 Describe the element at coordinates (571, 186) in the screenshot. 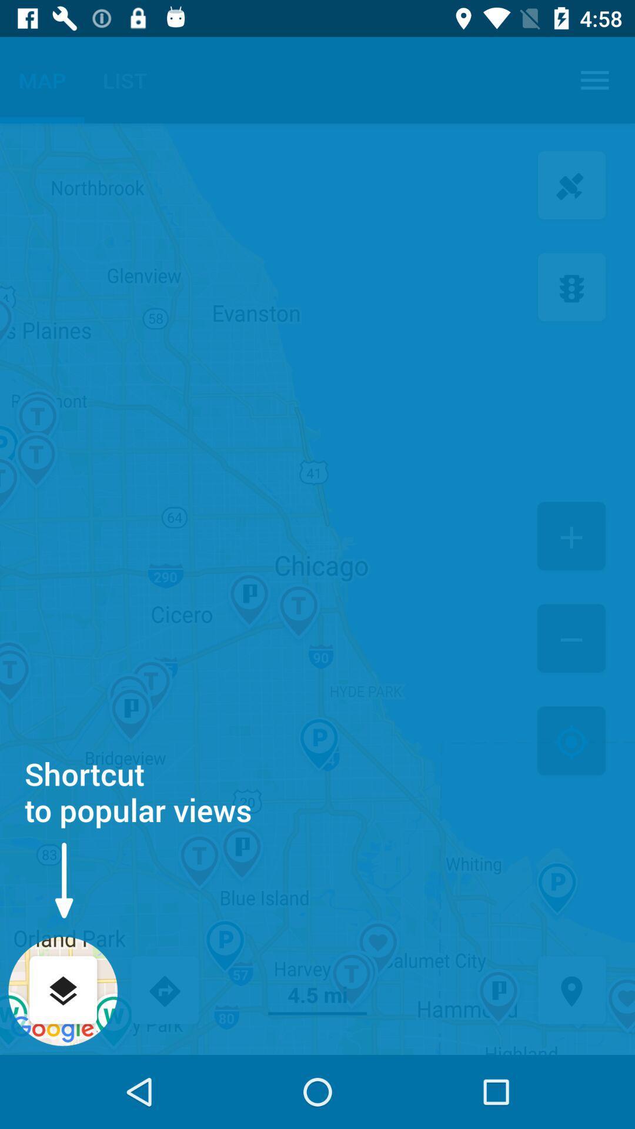

I see `satellite viewer` at that location.